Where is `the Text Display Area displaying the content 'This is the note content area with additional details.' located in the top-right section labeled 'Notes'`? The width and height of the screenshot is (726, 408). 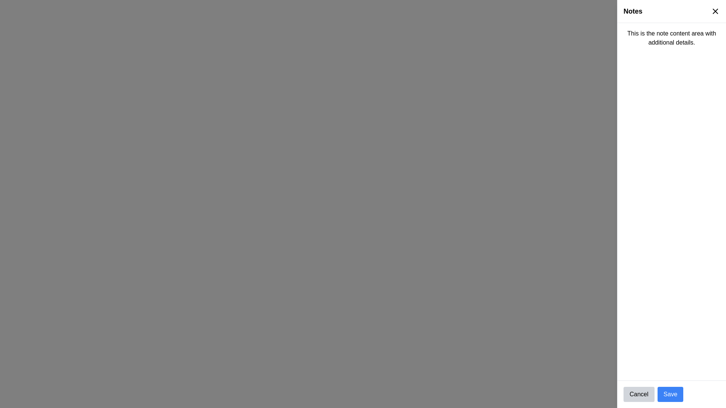
the Text Display Area displaying the content 'This is the note content area with additional details.' located in the top-right section labeled 'Notes' is located at coordinates (672, 38).